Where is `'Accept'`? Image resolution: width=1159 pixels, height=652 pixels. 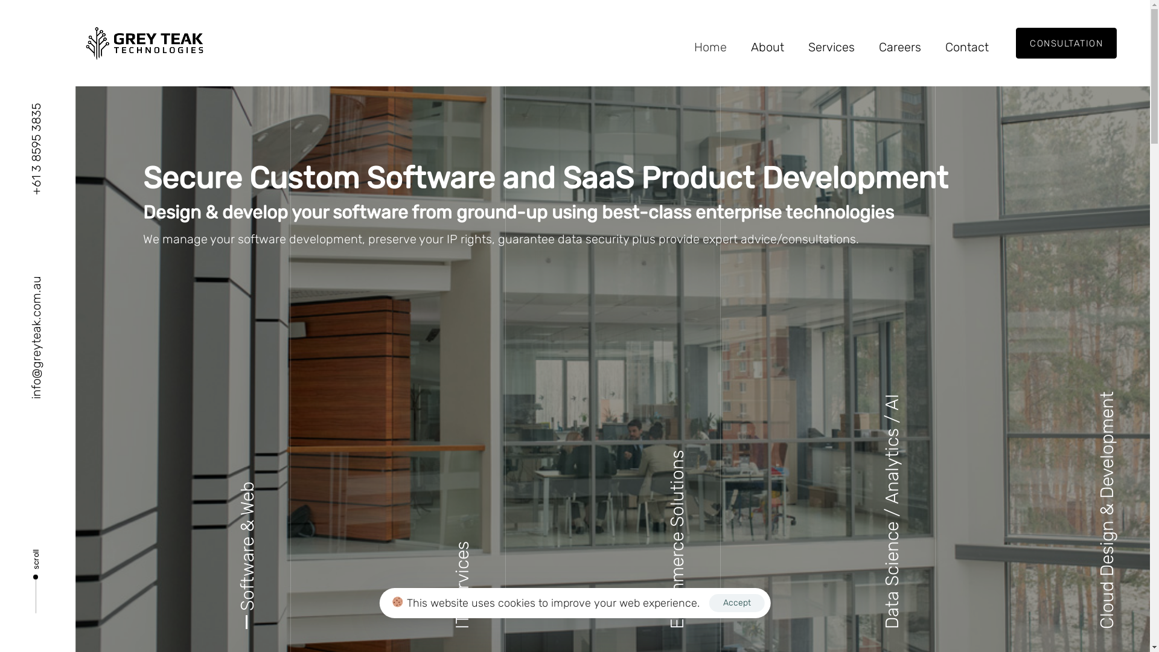 'Accept' is located at coordinates (736, 603).